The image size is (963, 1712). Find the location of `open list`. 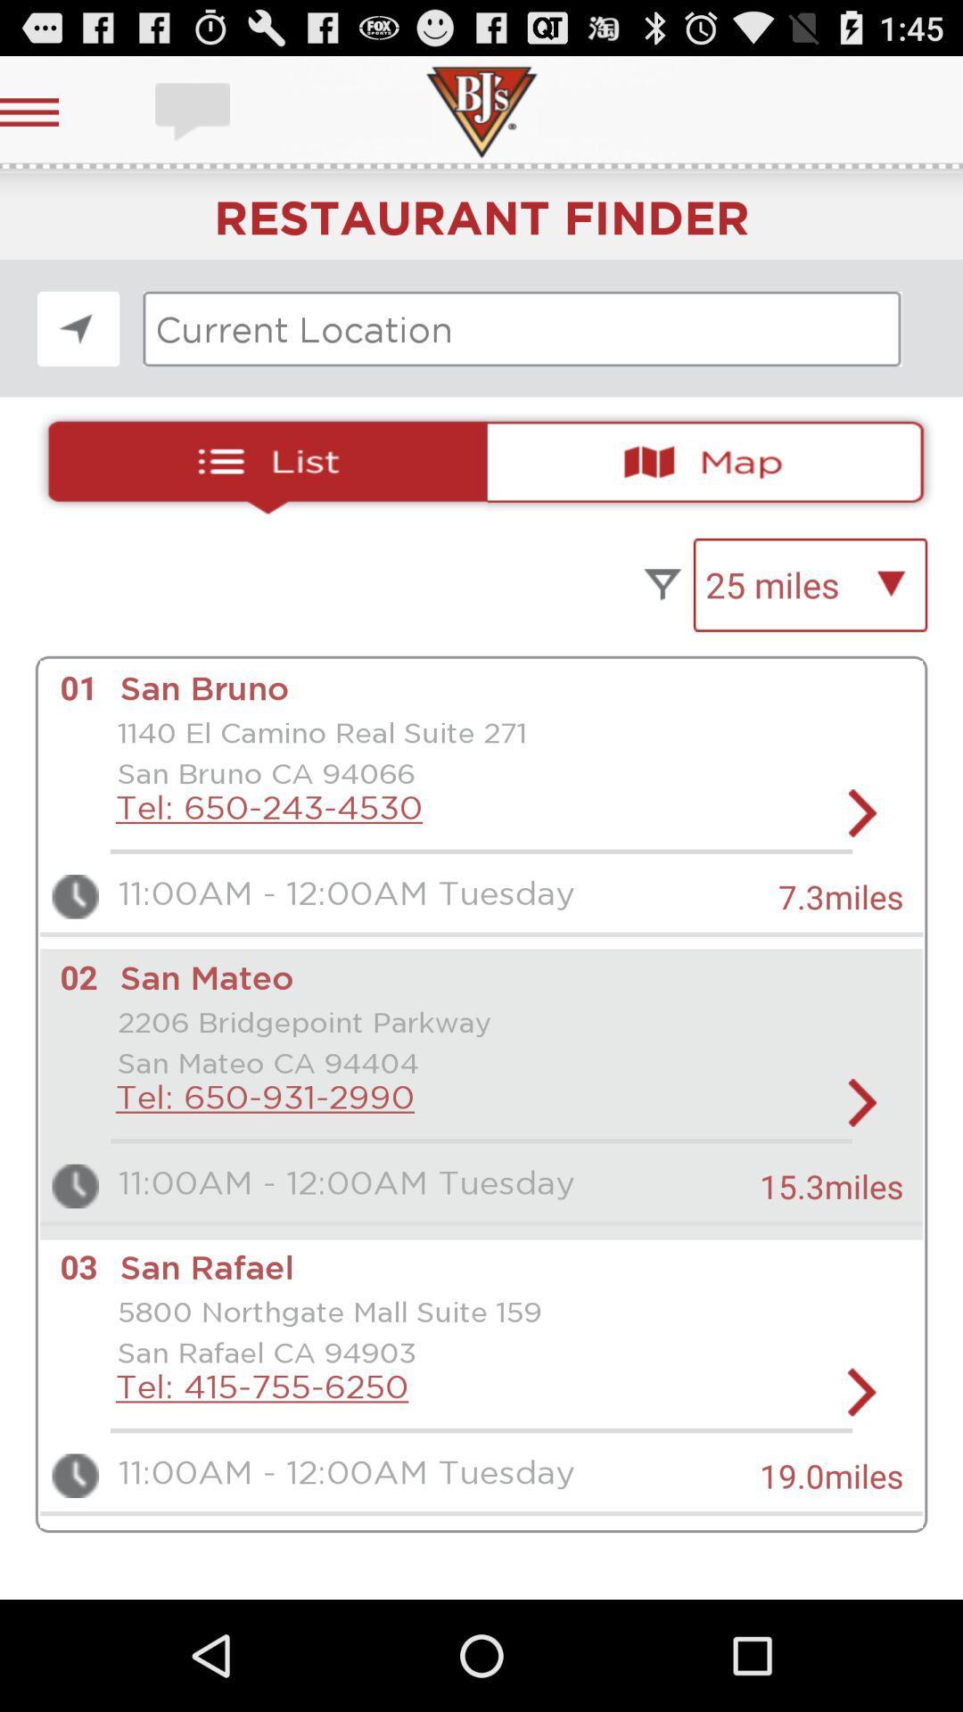

open list is located at coordinates (261, 462).